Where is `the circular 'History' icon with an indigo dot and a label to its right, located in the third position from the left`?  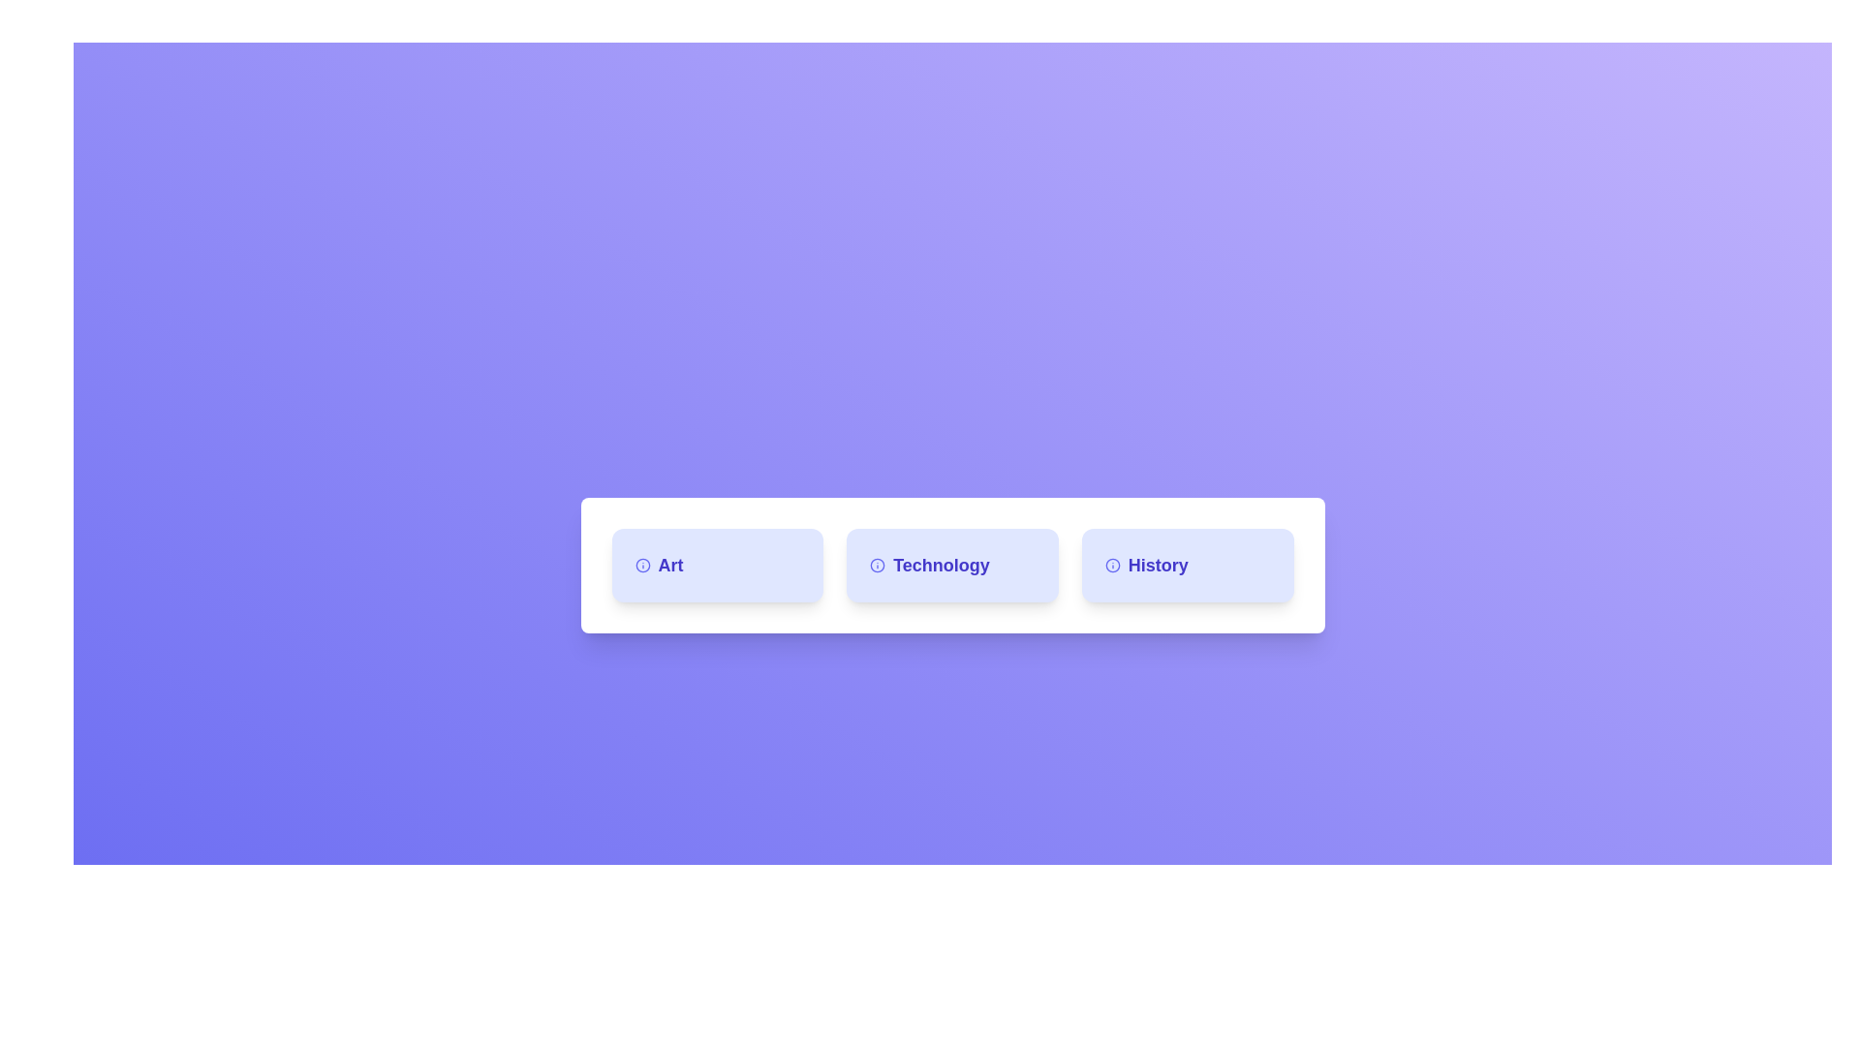 the circular 'History' icon with an indigo dot and a label to its right, located in the third position from the left is located at coordinates (1112, 565).